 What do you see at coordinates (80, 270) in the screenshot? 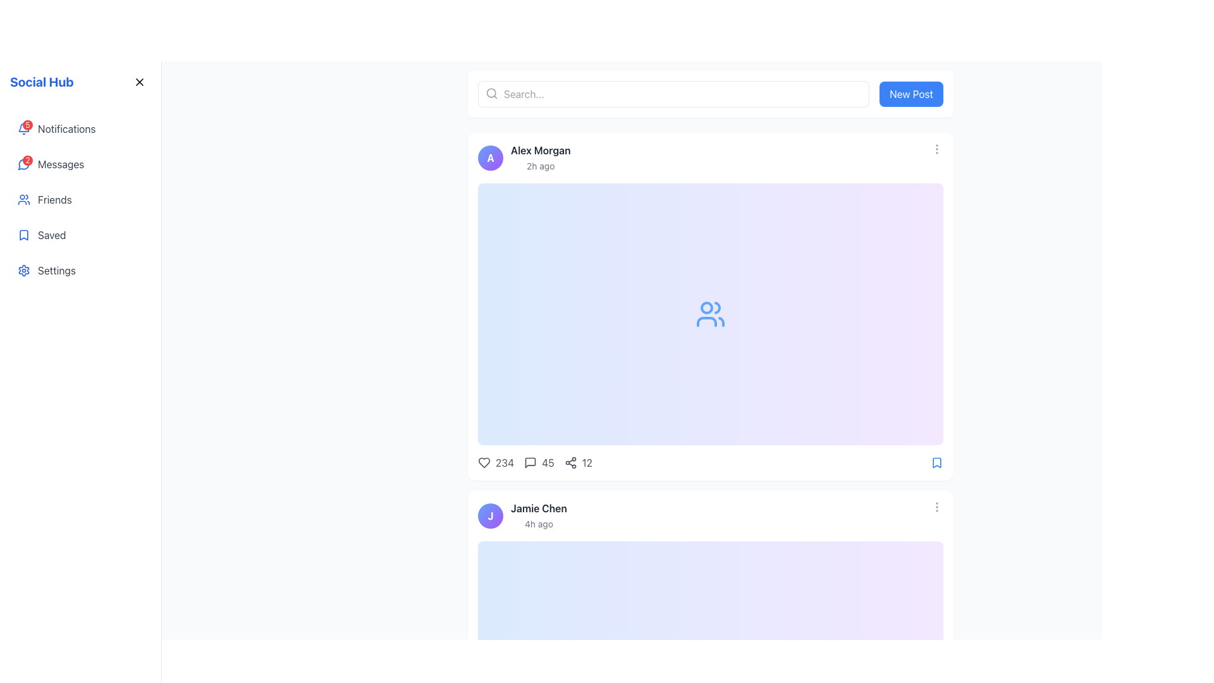
I see `the settings button located at the bottom of the vertical menu` at bounding box center [80, 270].